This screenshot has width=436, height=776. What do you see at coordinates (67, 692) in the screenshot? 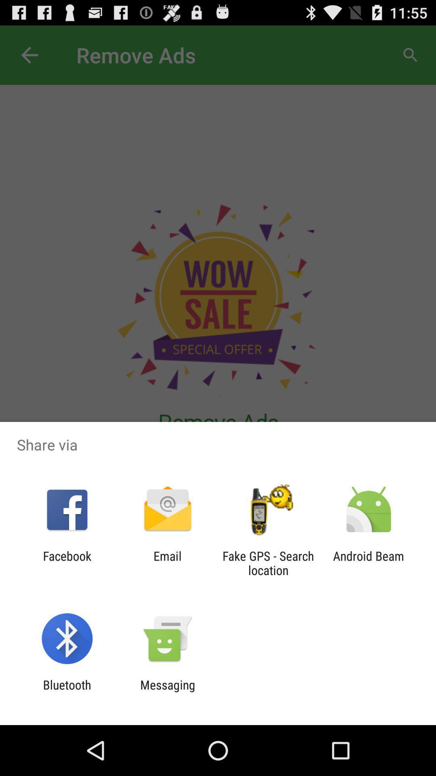
I see `the item next to messaging icon` at bounding box center [67, 692].